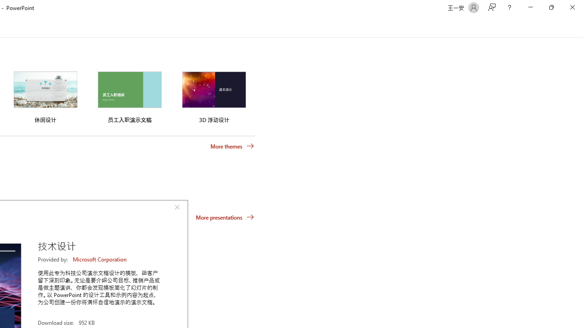  What do you see at coordinates (232, 146) in the screenshot?
I see `'More themes'` at bounding box center [232, 146].